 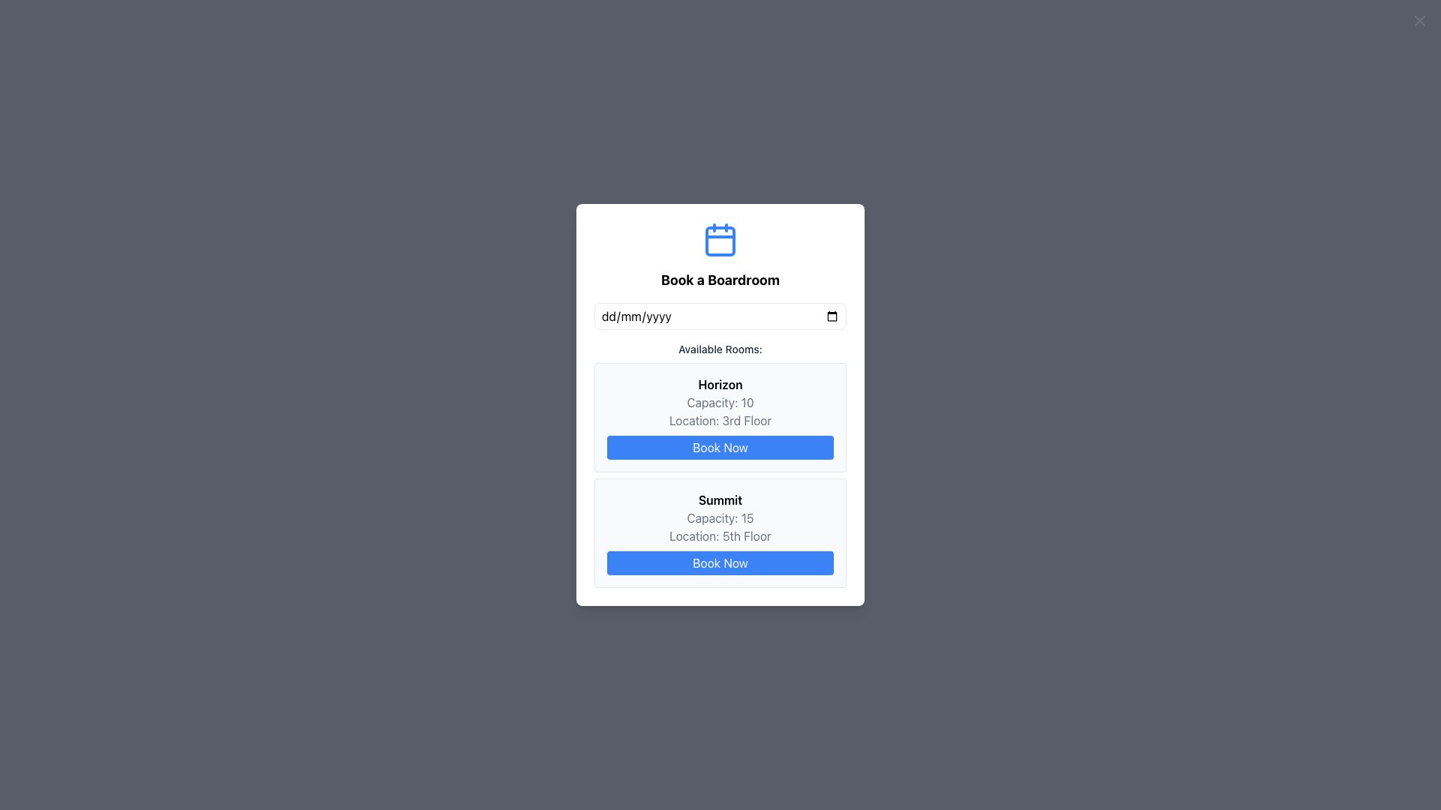 I want to click on the bold text label reading 'Book a Boardroom' which is prominently displayed near the top of the section, located below a calendar icon and above a date input field, so click(x=720, y=280).